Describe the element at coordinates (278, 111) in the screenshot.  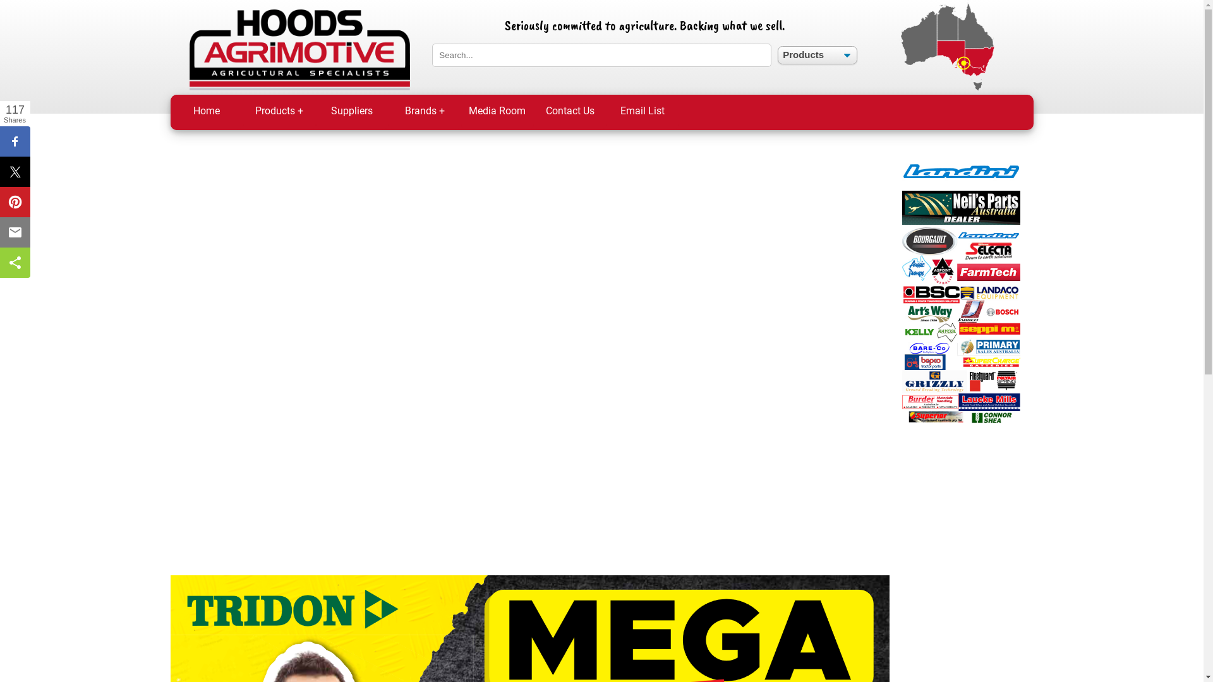
I see `'Products +'` at that location.